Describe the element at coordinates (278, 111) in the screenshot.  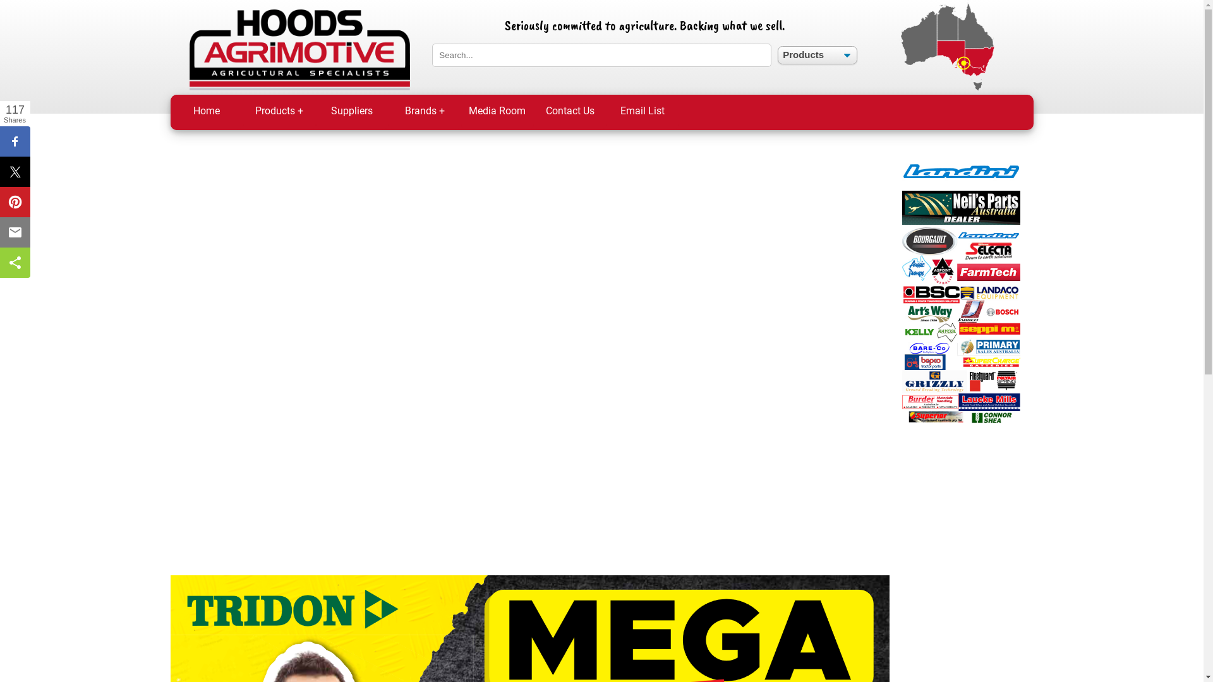
I see `'Products +'` at that location.